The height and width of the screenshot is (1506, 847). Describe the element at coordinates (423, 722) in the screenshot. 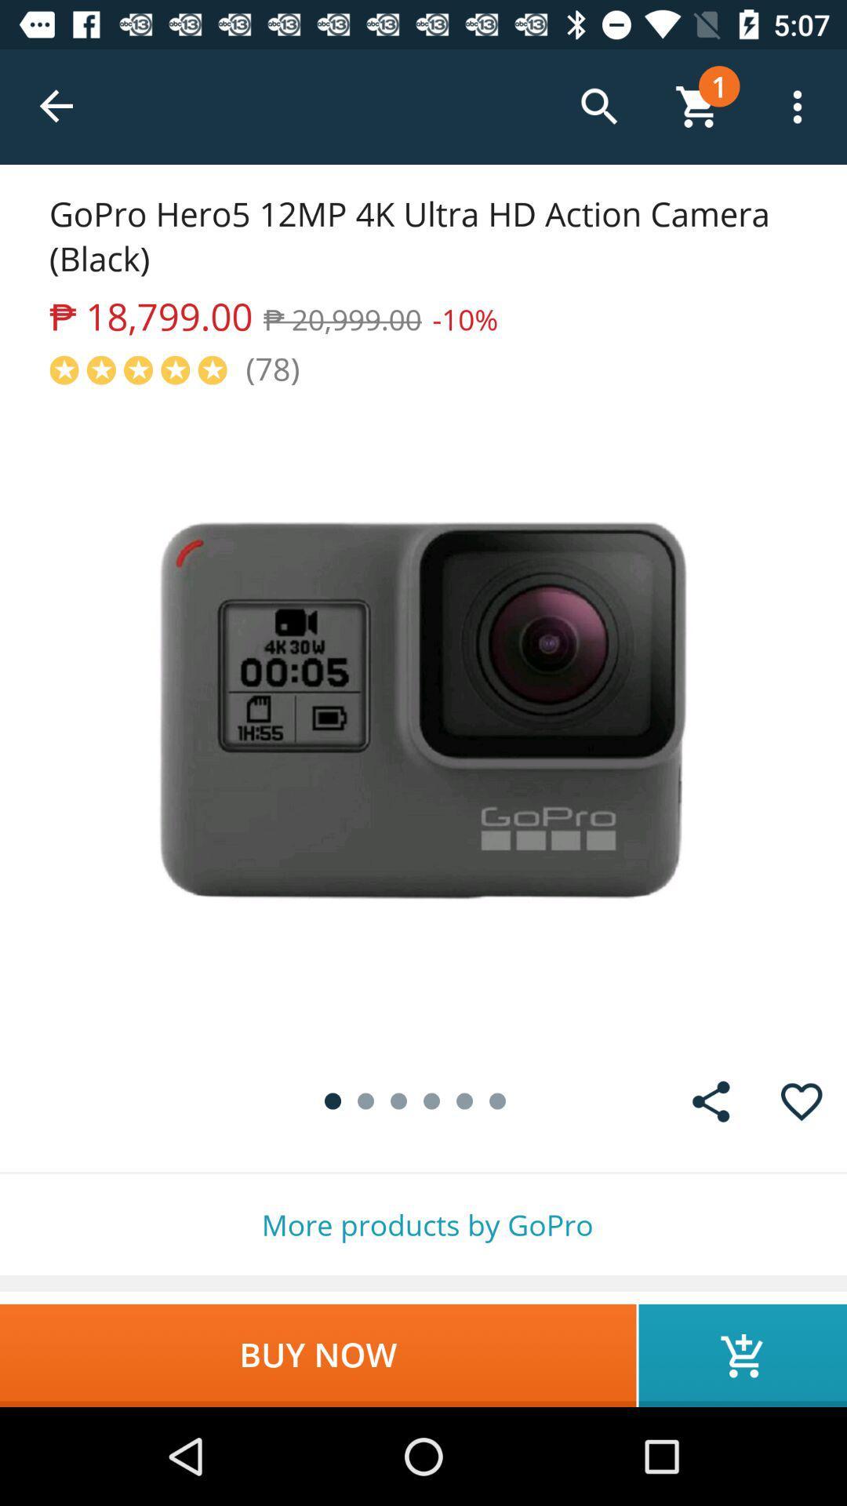

I see `description` at that location.